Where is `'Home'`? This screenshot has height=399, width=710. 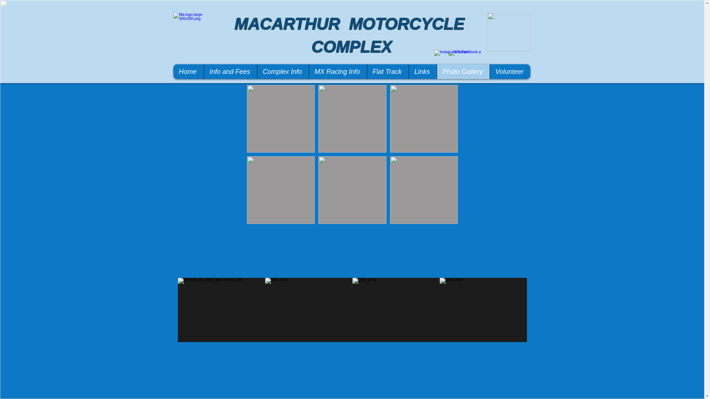
'Home' is located at coordinates (188, 71).